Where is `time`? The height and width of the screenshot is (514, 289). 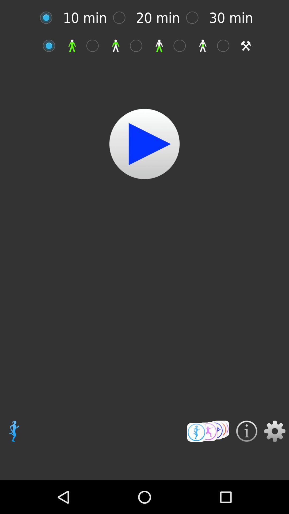 time is located at coordinates (49, 18).